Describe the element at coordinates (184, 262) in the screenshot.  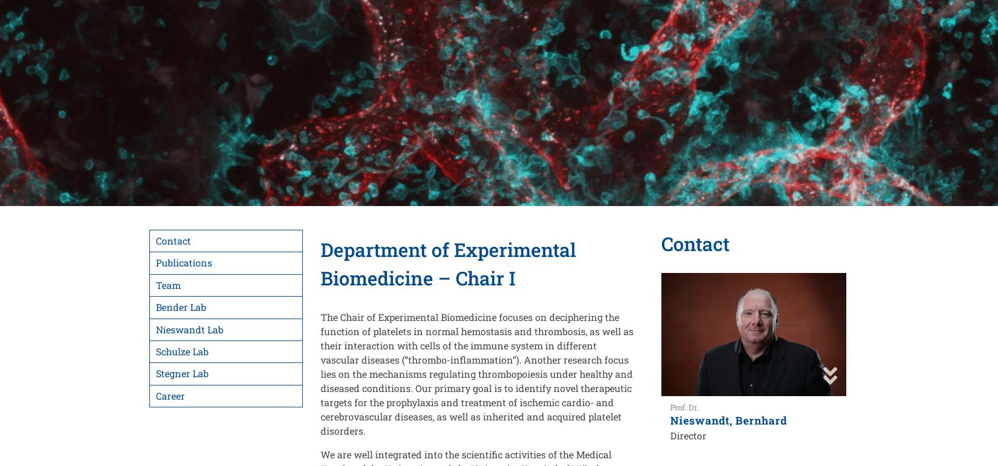
I see `'Publications'` at that location.